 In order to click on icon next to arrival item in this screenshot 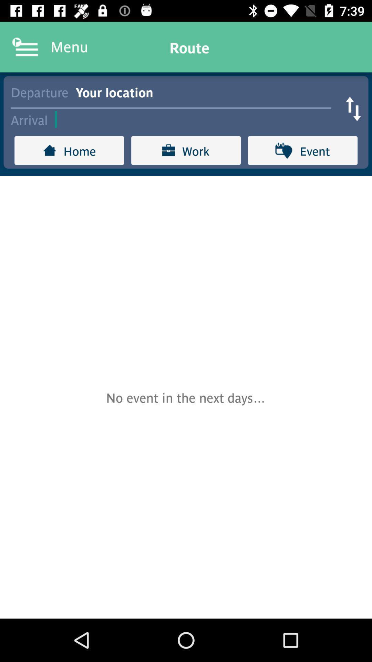, I will do `click(197, 119)`.